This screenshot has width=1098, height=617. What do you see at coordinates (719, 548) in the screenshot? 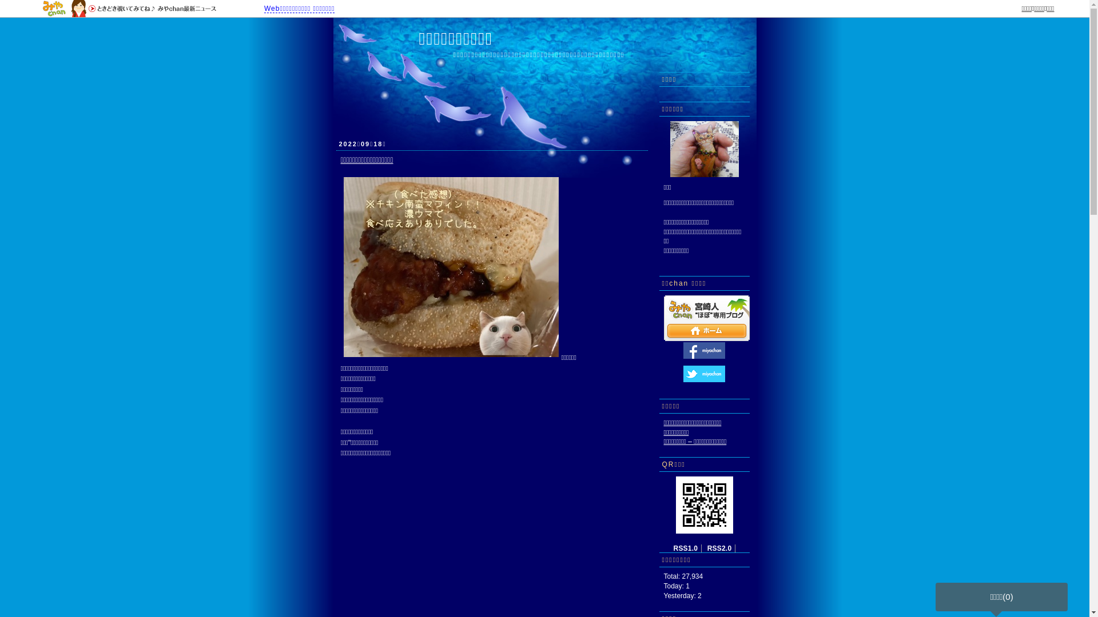
I see `'RSS2.0'` at bounding box center [719, 548].